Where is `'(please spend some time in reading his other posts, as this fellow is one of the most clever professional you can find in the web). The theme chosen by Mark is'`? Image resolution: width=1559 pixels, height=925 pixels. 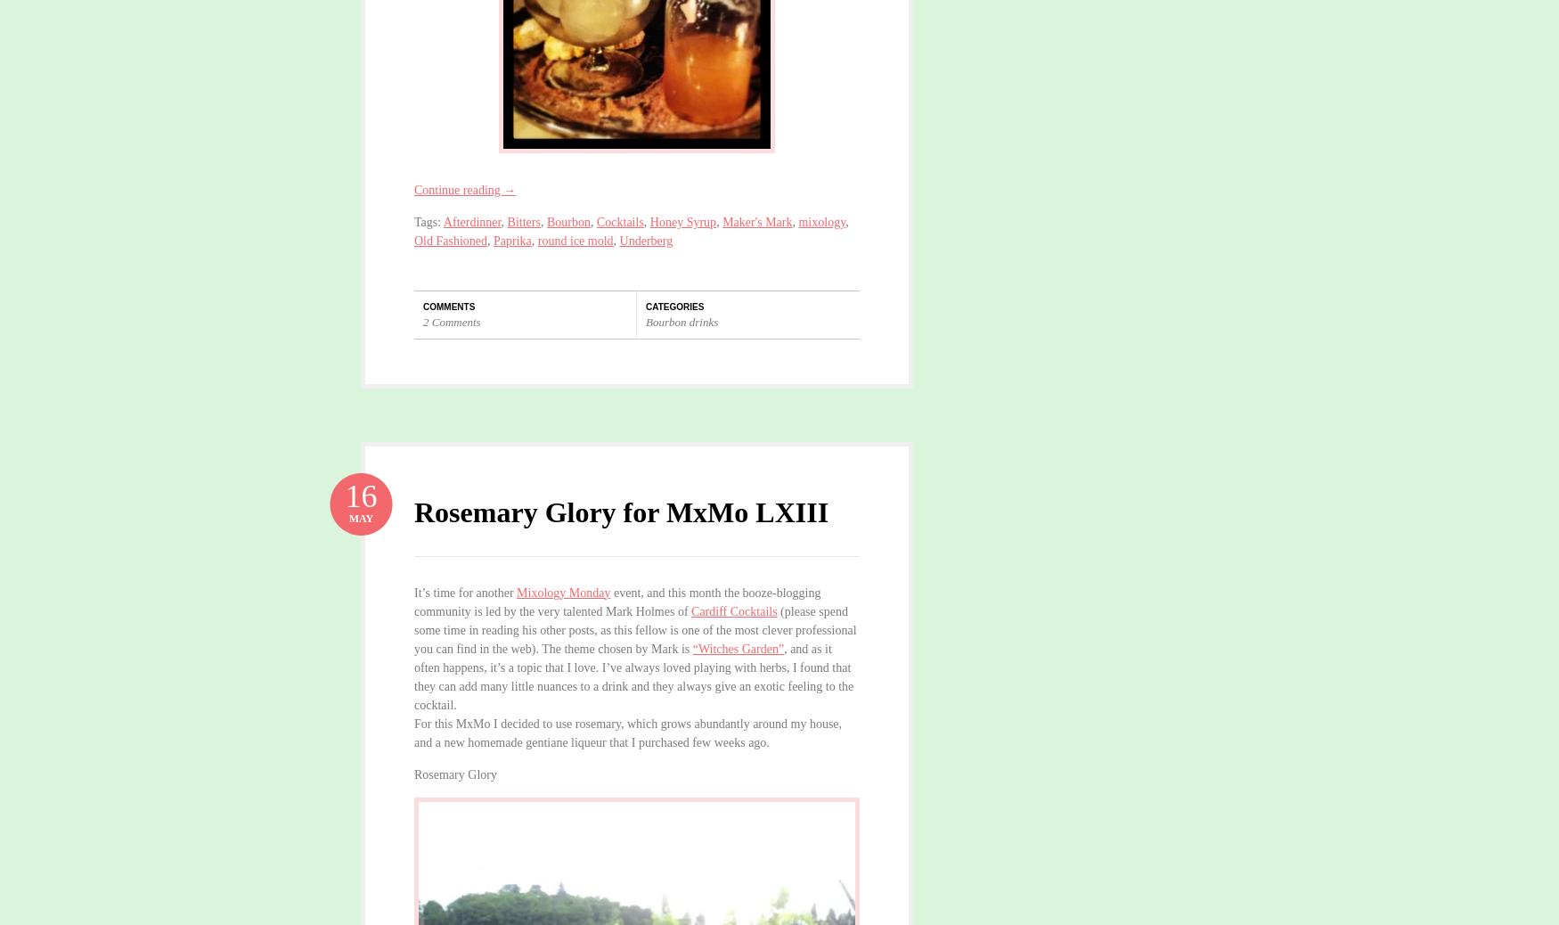 '(please spend some time in reading his other posts, as this fellow is one of the most clever professional you can find in the web). The theme chosen by Mark is' is located at coordinates (634, 628).